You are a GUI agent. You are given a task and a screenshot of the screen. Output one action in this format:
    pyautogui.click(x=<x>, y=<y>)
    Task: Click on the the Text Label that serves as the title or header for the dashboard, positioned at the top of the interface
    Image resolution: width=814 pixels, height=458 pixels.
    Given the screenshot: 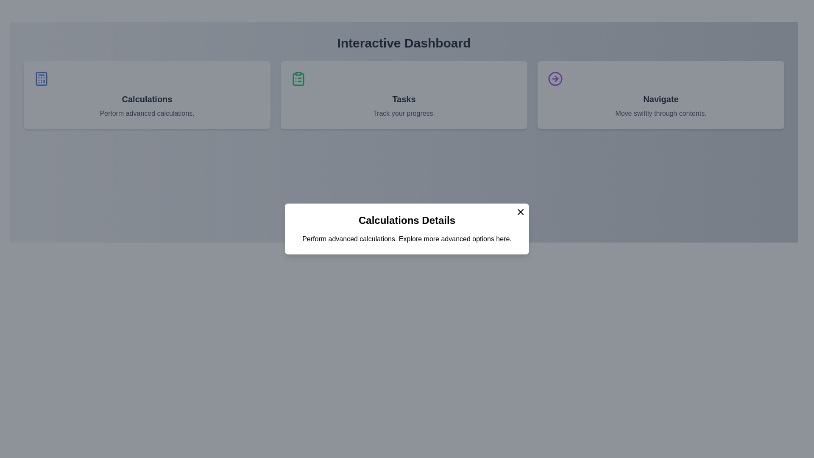 What is the action you would take?
    pyautogui.click(x=404, y=43)
    